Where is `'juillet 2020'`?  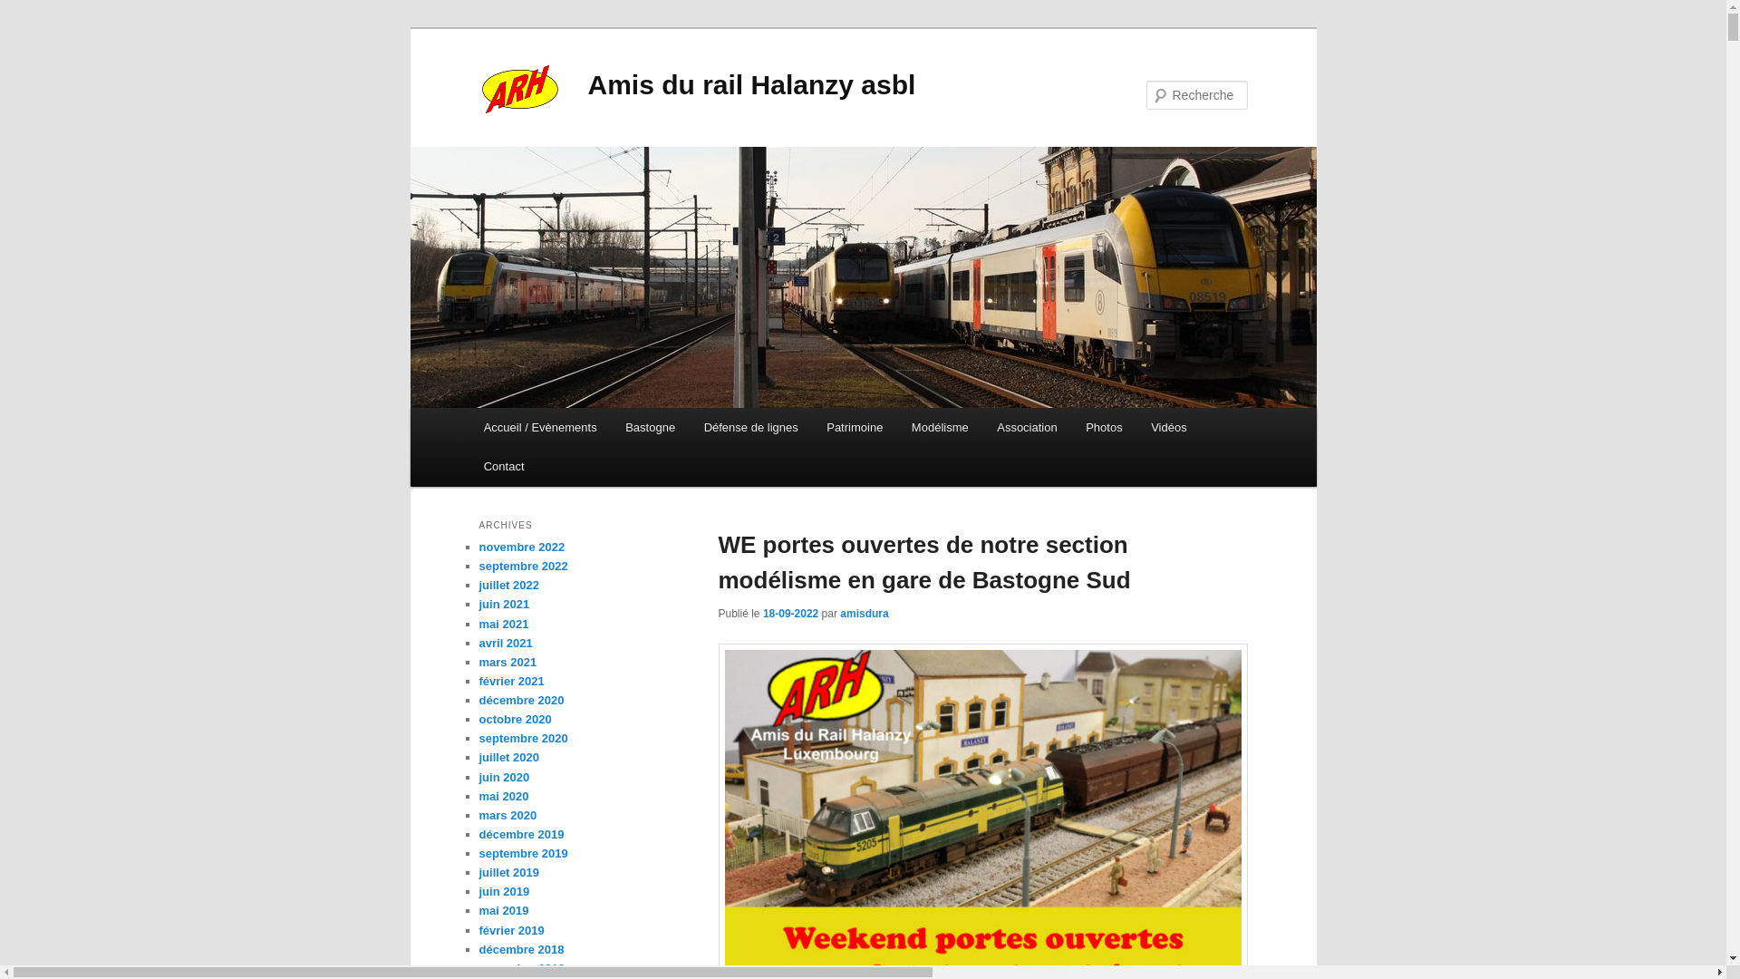 'juillet 2020' is located at coordinates (507, 757).